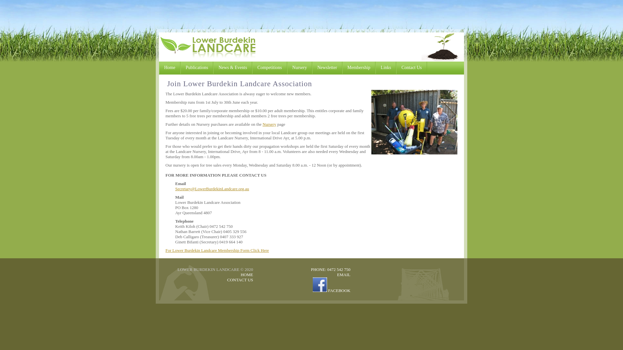  What do you see at coordinates (239, 279) in the screenshot?
I see `'CONTACT US'` at bounding box center [239, 279].